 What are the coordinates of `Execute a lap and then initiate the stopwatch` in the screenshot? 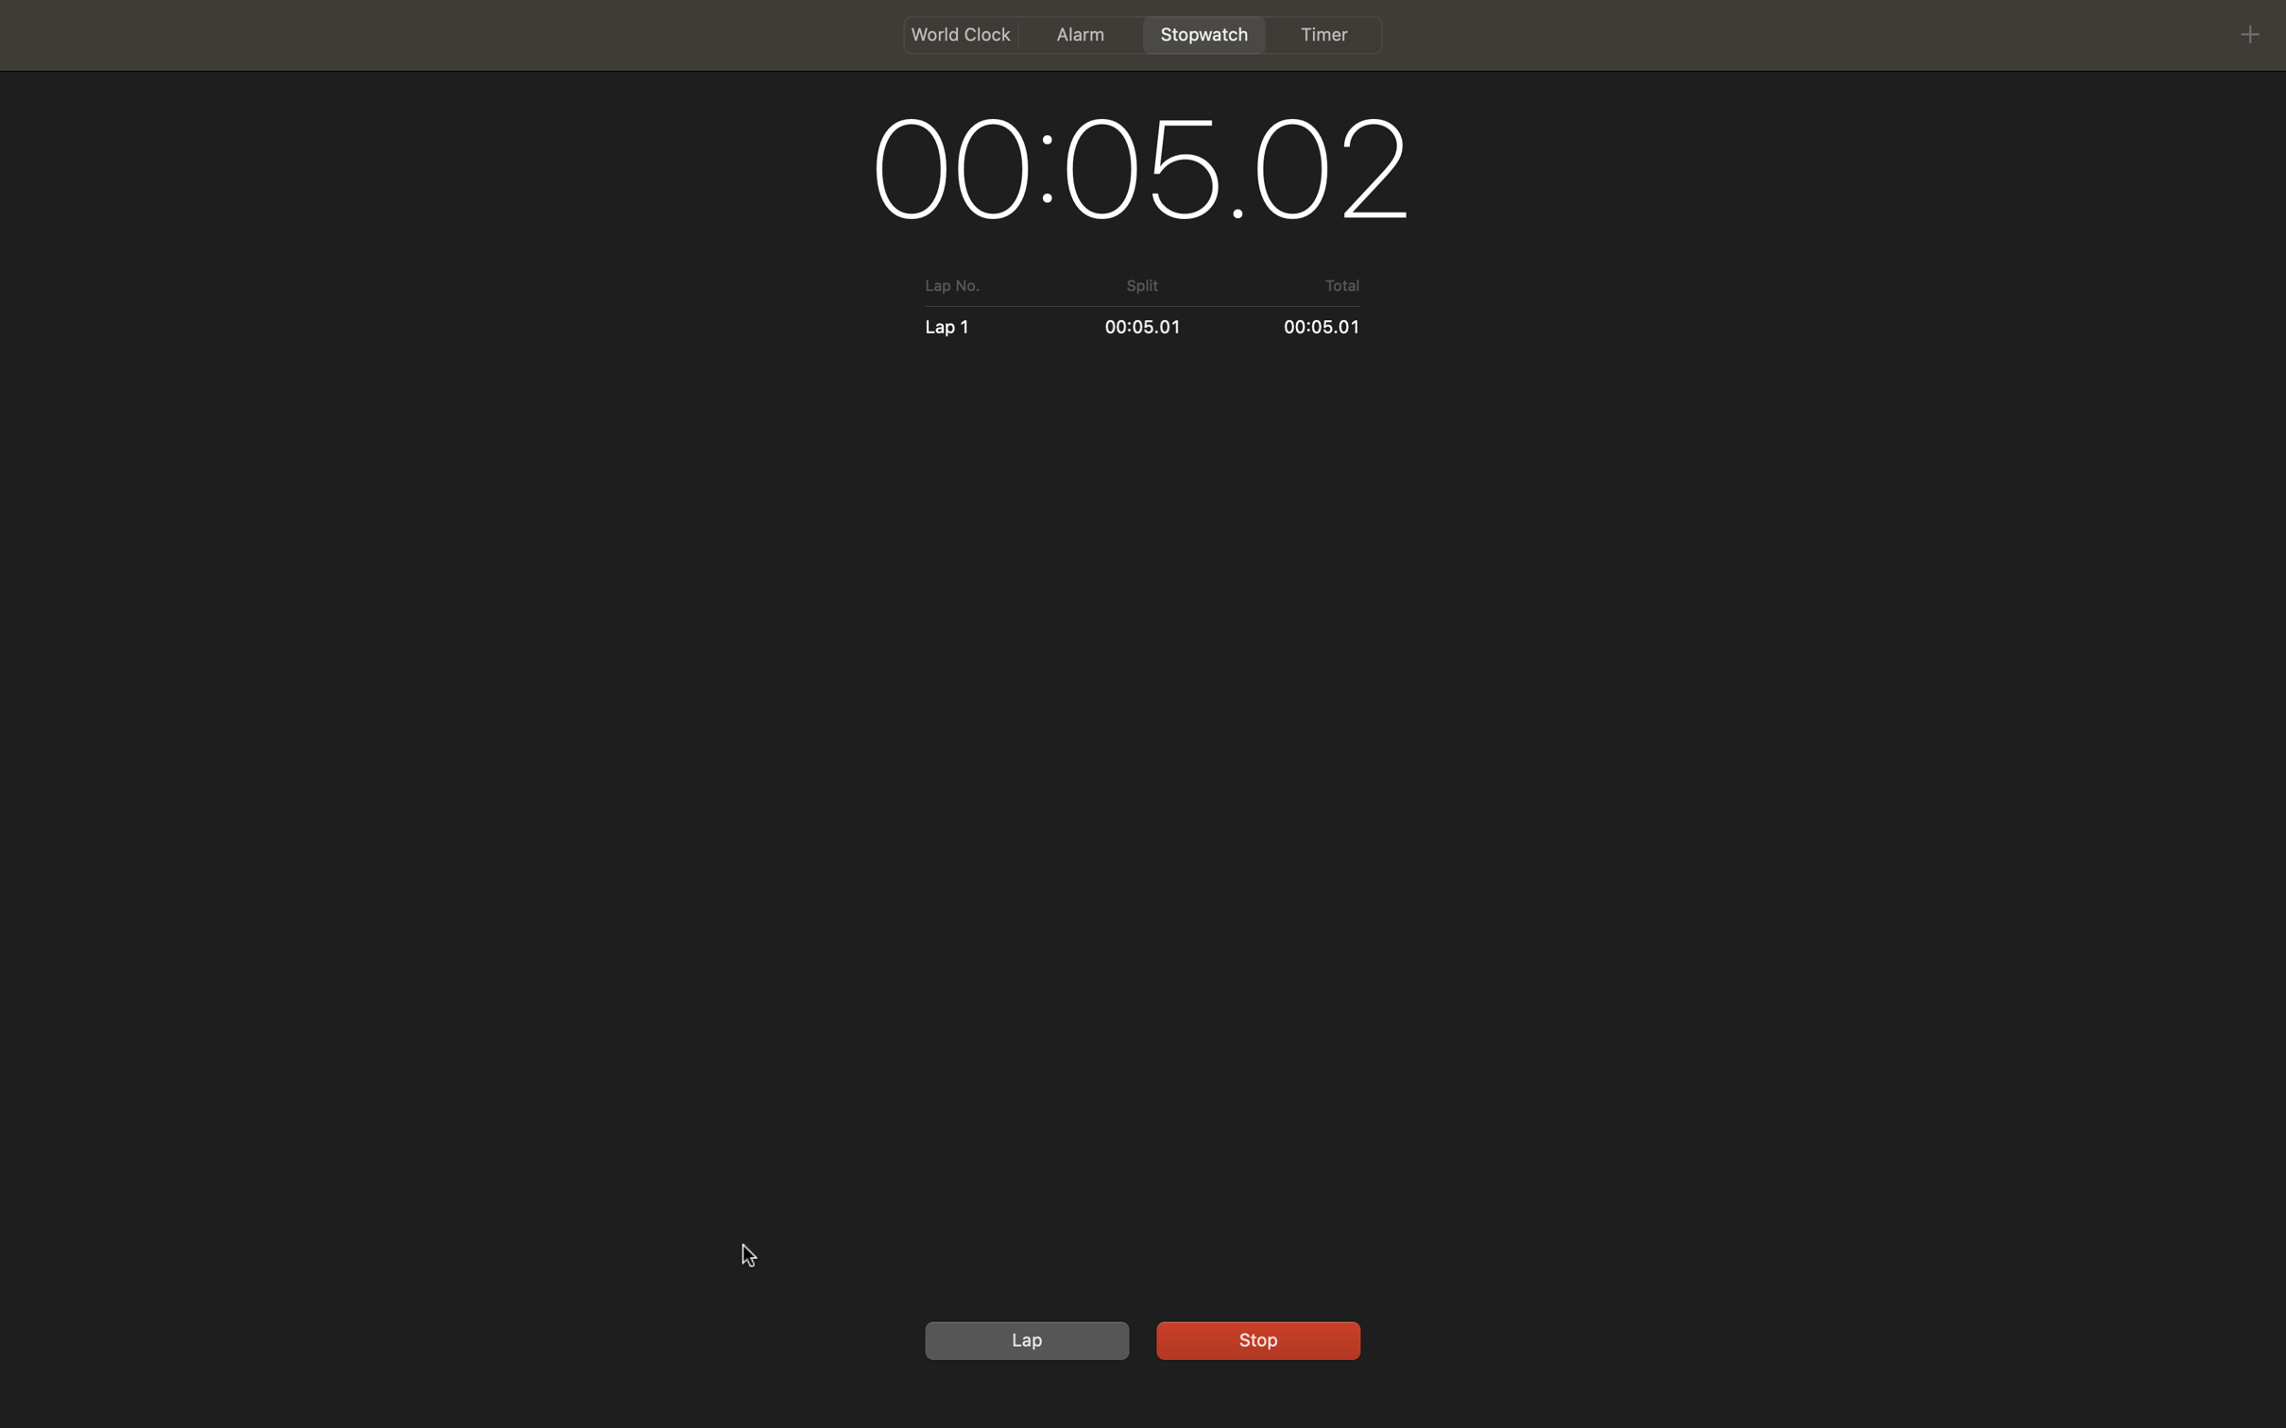 It's located at (1023, 1339).